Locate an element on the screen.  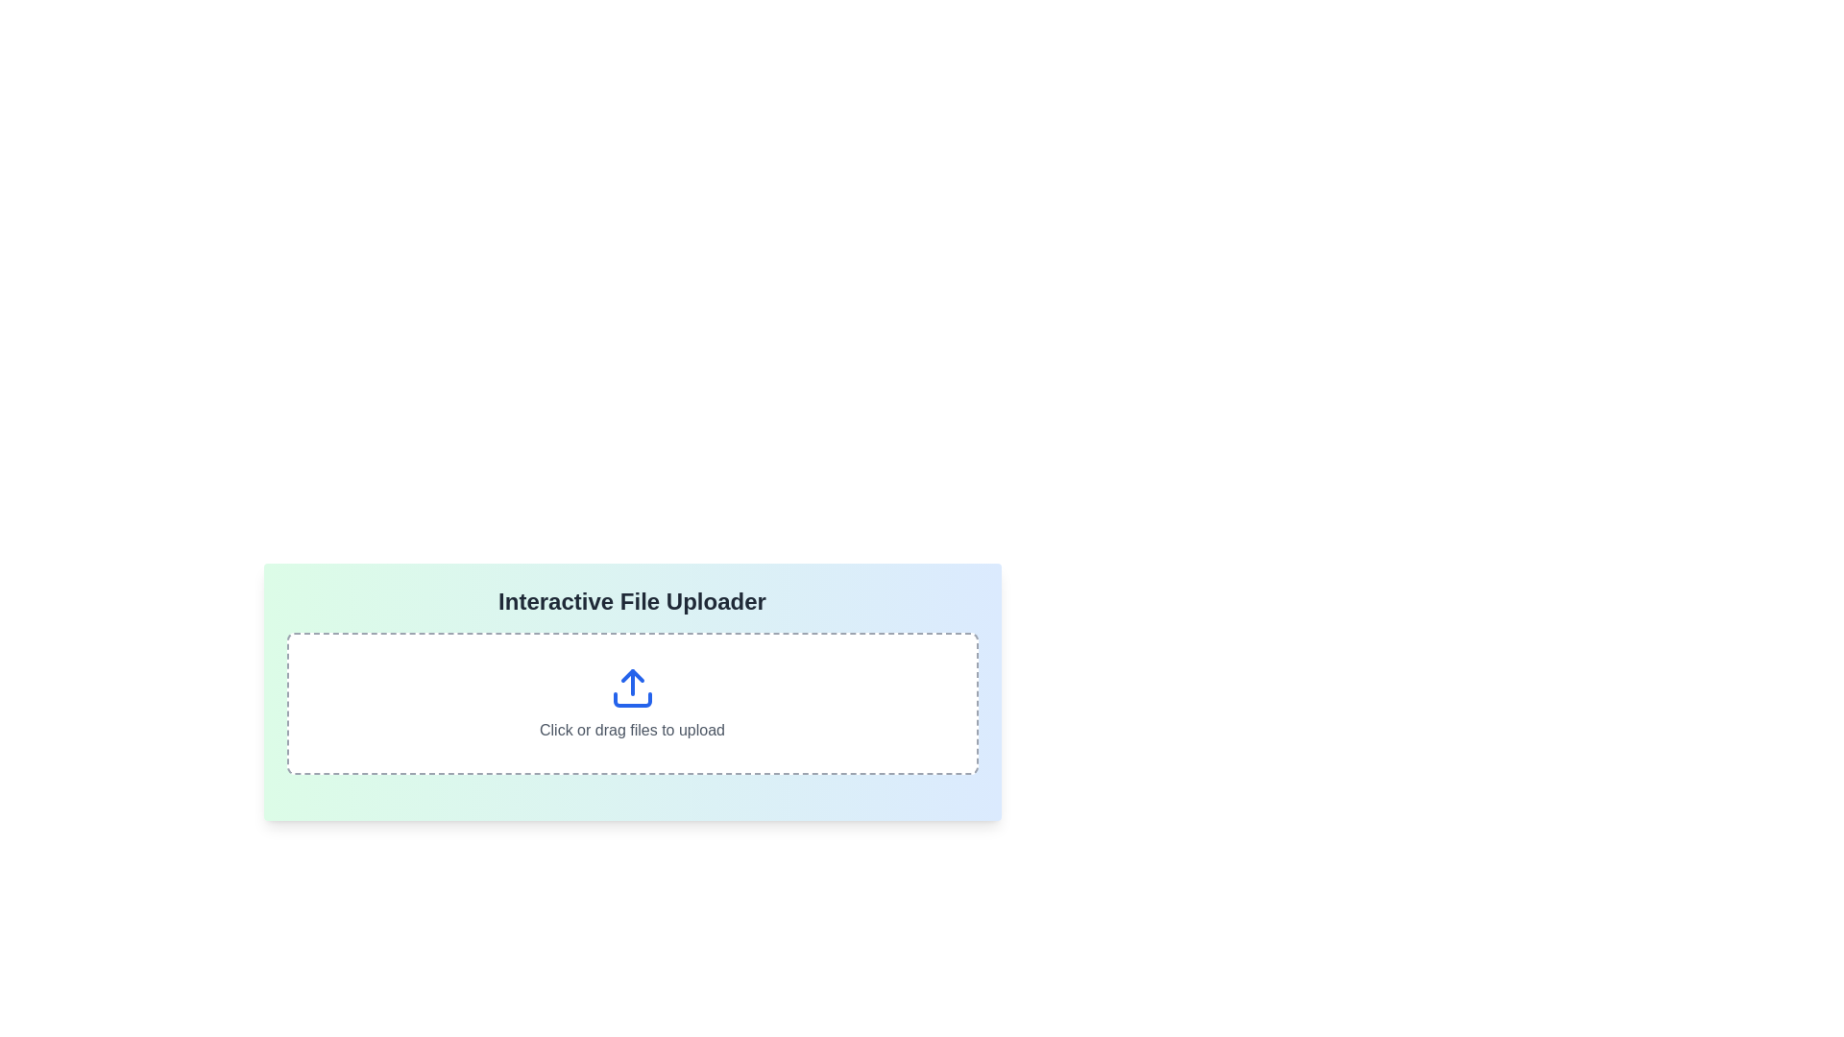
the bottom section of the upload icon, which is located underneath the upward-pointing blue arrow in the dashed rectangular area is located at coordinates (632, 700).